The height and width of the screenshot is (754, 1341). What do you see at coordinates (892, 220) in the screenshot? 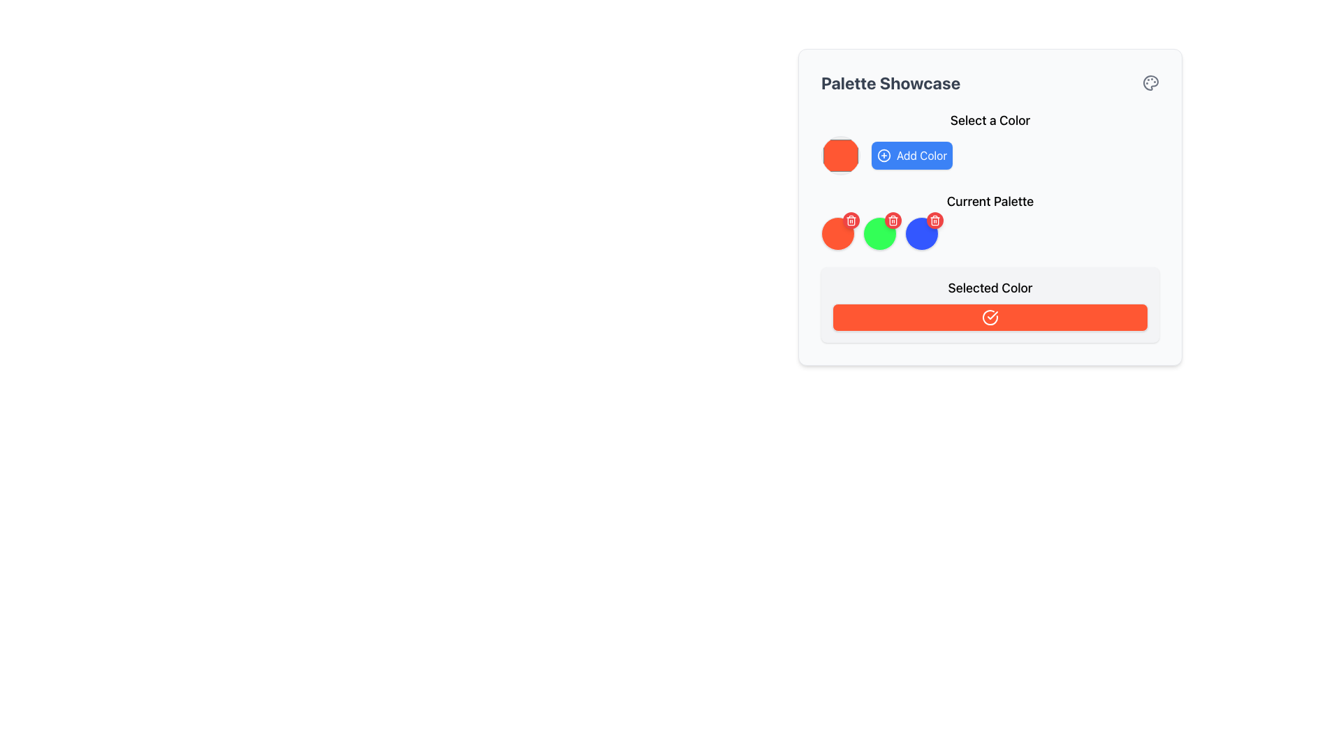
I see `the vertical rectangle component of the trash bin icon located in the upper right corner of the 'Current Palette' section` at bounding box center [892, 220].